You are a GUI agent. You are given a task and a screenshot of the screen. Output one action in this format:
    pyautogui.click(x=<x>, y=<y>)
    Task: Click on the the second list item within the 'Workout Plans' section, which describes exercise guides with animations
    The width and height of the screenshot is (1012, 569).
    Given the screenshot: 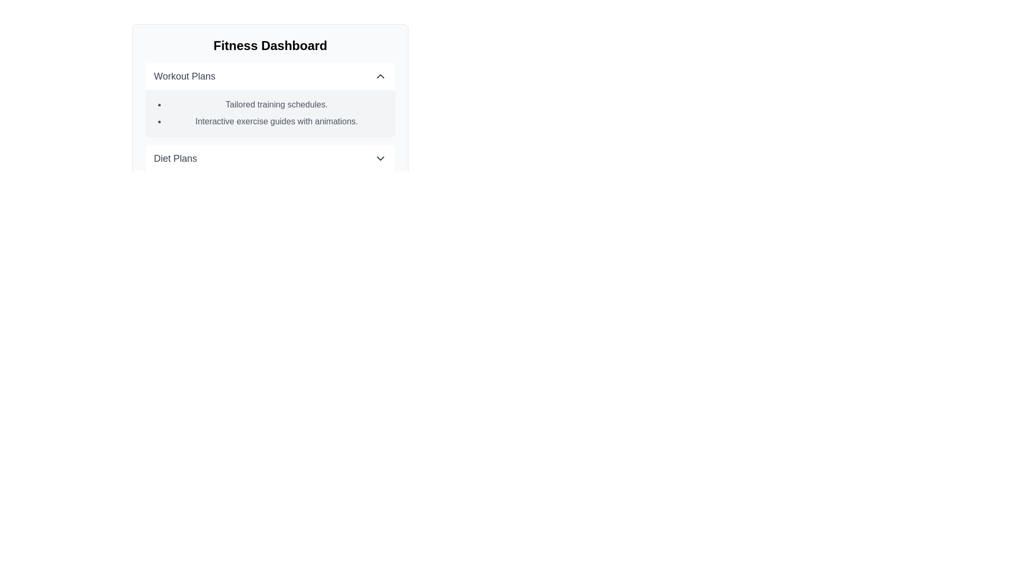 What is the action you would take?
    pyautogui.click(x=276, y=121)
    